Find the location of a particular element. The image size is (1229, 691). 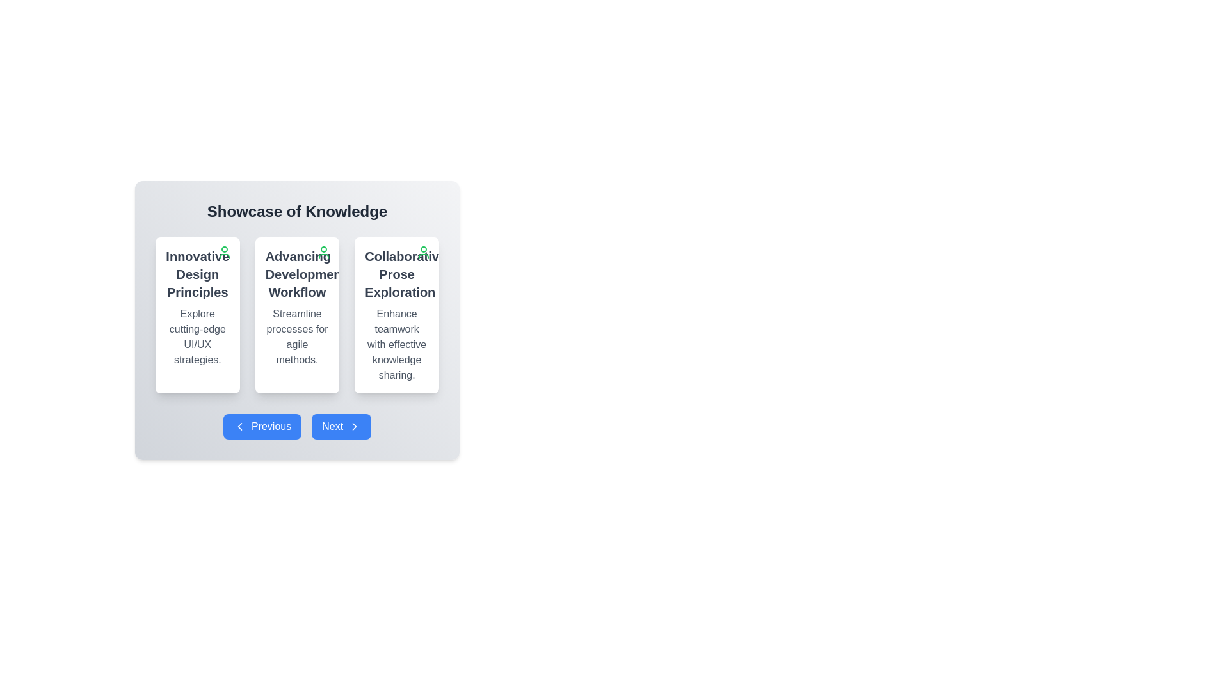

the rectangular button with a blue background and white text that reads 'Previous', featuring a leftward-pointing chevron icon is located at coordinates (262, 427).